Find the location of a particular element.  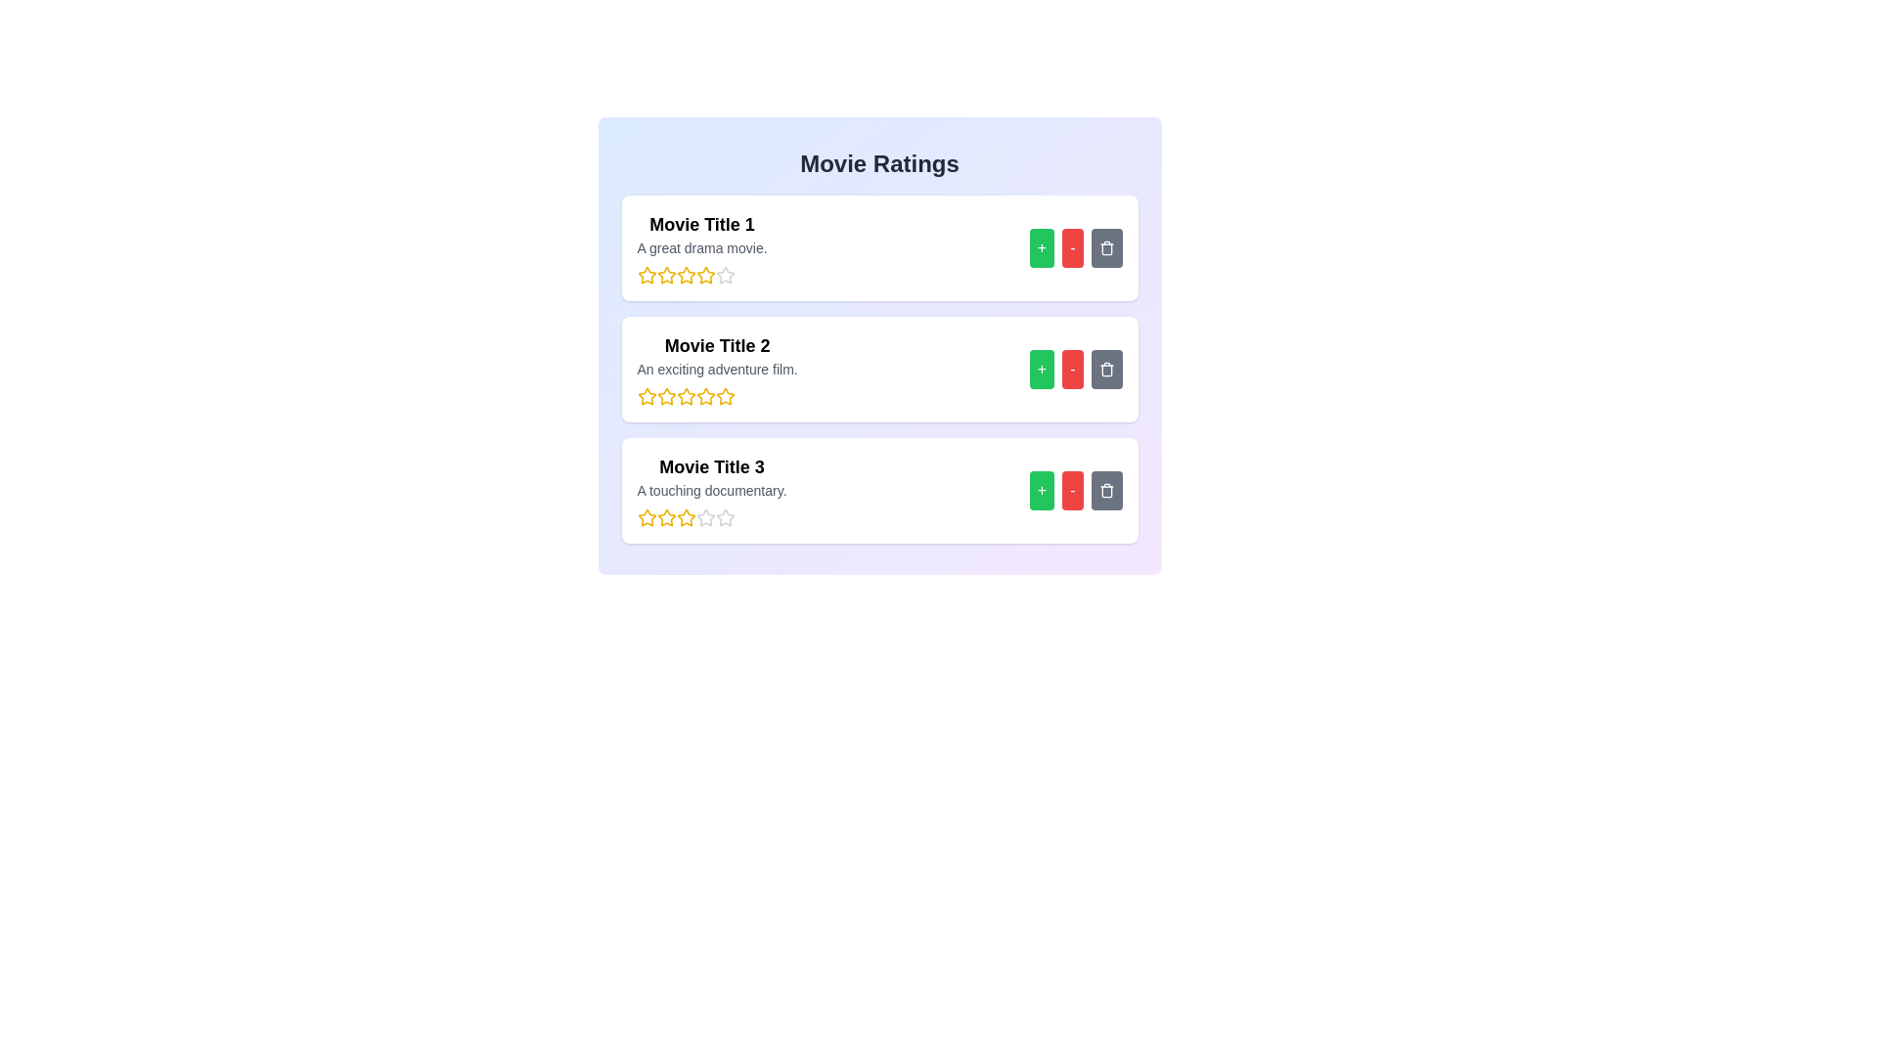

'+' button next to the movie to increase its rating is located at coordinates (1041, 247).